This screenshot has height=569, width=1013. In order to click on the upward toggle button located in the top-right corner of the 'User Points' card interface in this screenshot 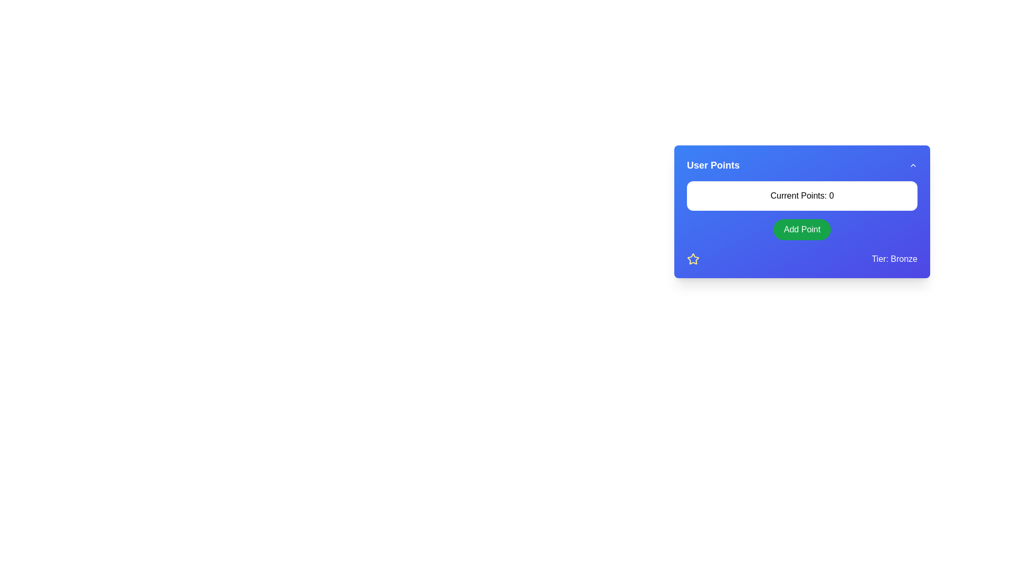, I will do `click(913, 165)`.